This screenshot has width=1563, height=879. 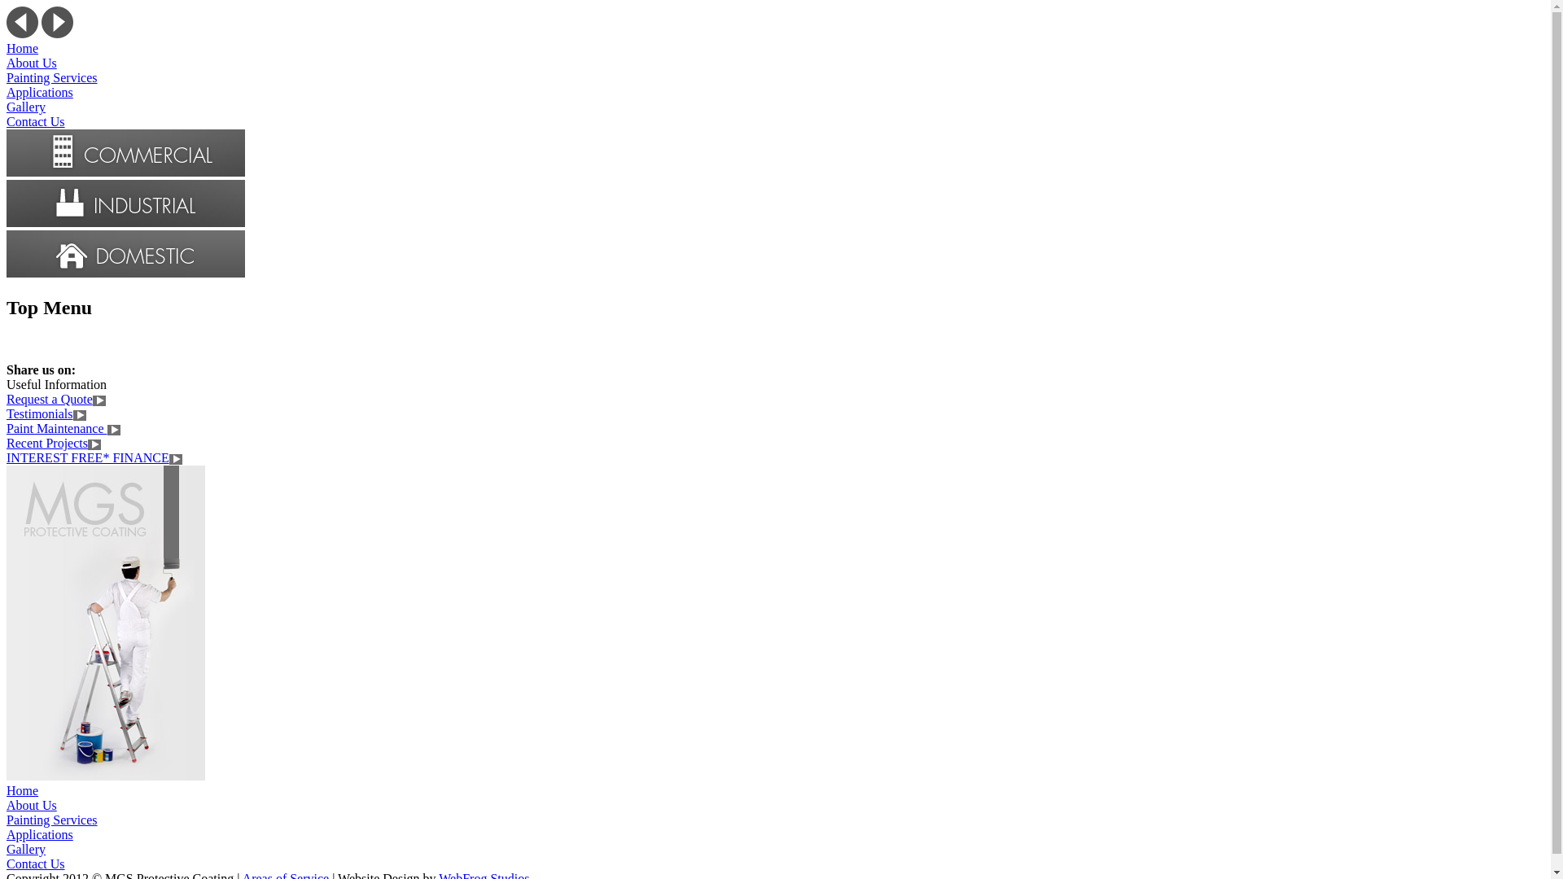 I want to click on 'Recent Projects', so click(x=46, y=443).